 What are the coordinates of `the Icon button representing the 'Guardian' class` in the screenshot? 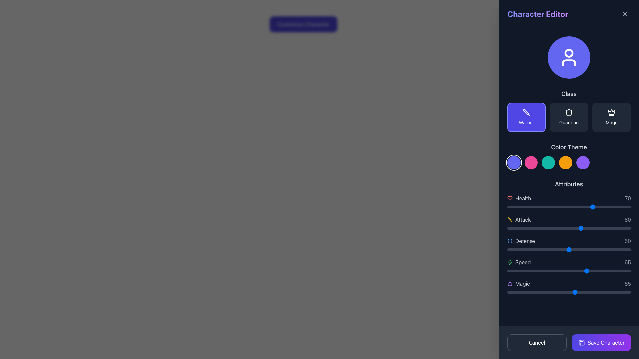 It's located at (568, 112).